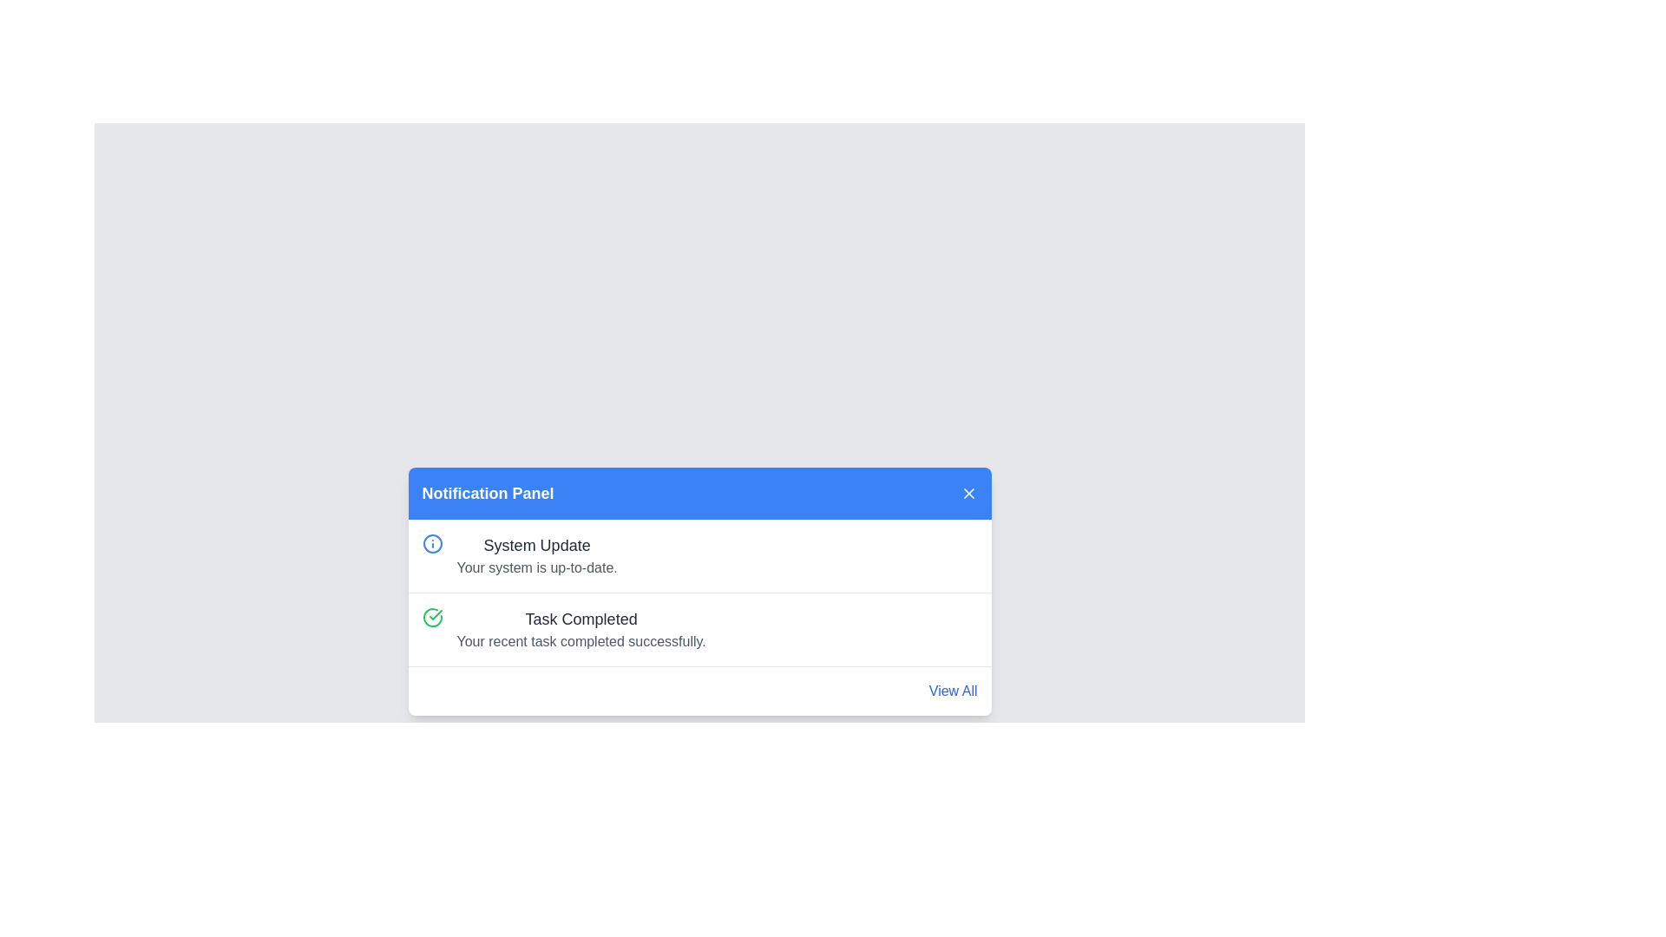 This screenshot has height=937, width=1666. I want to click on the 'System Update' text element which includes the title and subtitle within the notification card, so click(536, 555).